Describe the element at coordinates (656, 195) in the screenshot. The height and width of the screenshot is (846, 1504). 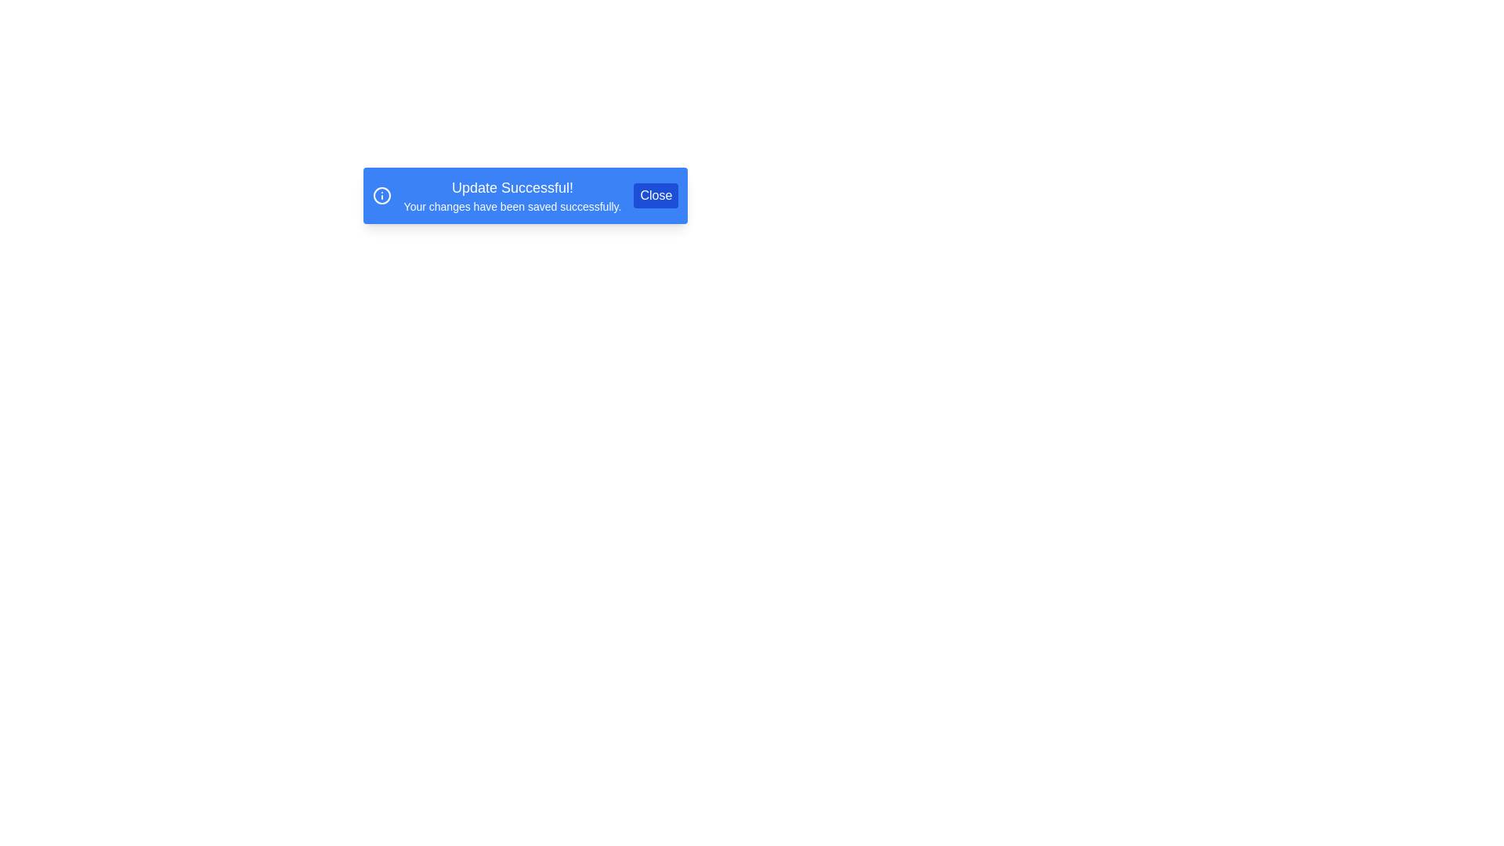
I see `the 'Close' button to observe hover effects` at that location.